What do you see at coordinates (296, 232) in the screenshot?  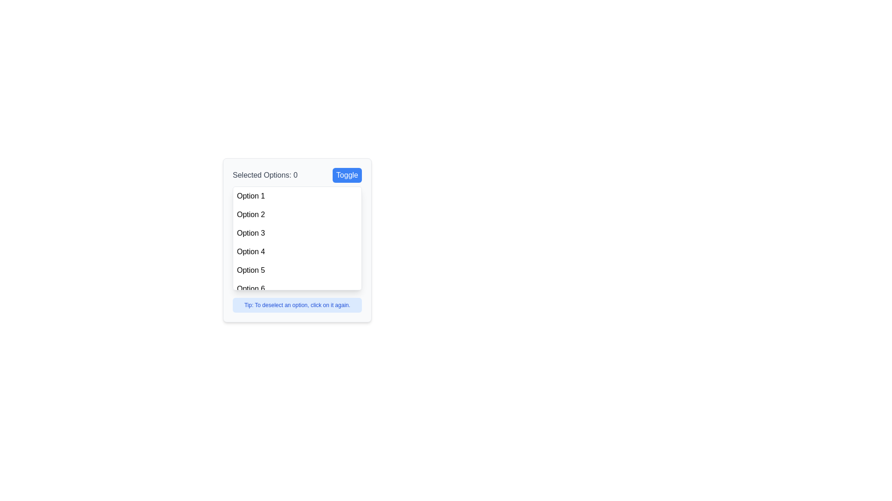 I see `the third selectable option in the dropdown menu` at bounding box center [296, 232].